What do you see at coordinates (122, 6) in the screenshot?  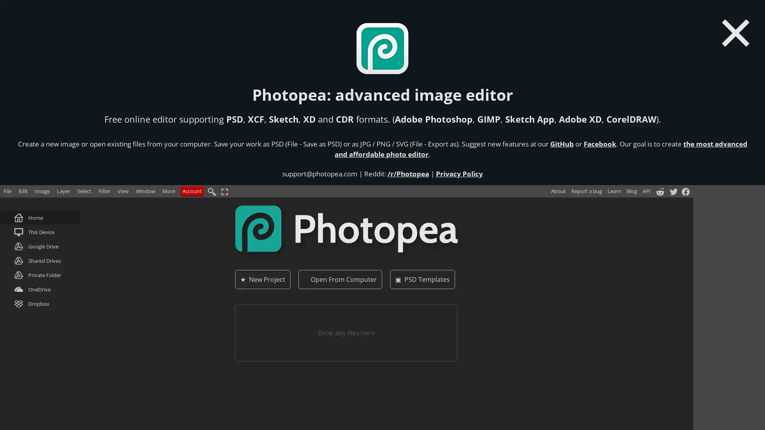 I see `View` at bounding box center [122, 6].